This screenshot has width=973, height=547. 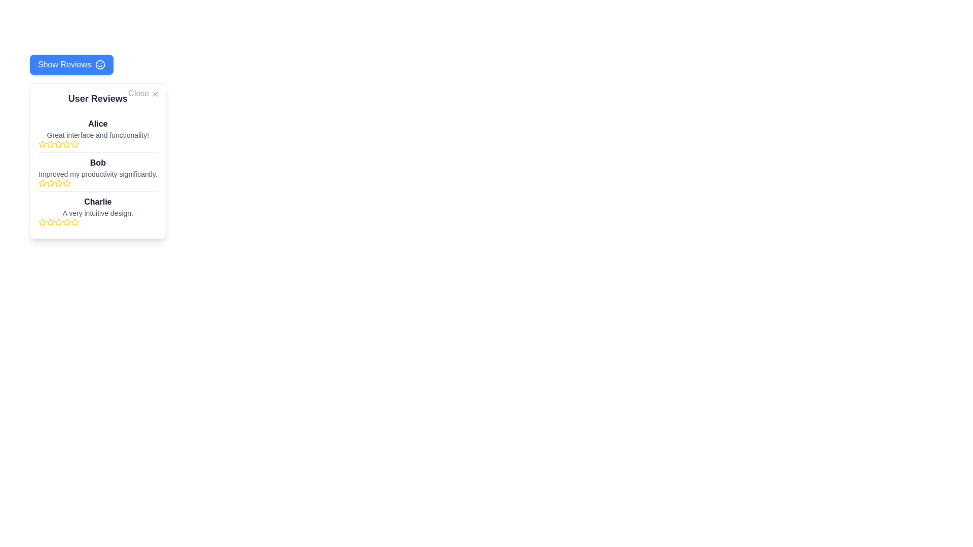 What do you see at coordinates (66, 222) in the screenshot?
I see `the last star icon in the 5-star rating system to rate 'Charlie'` at bounding box center [66, 222].